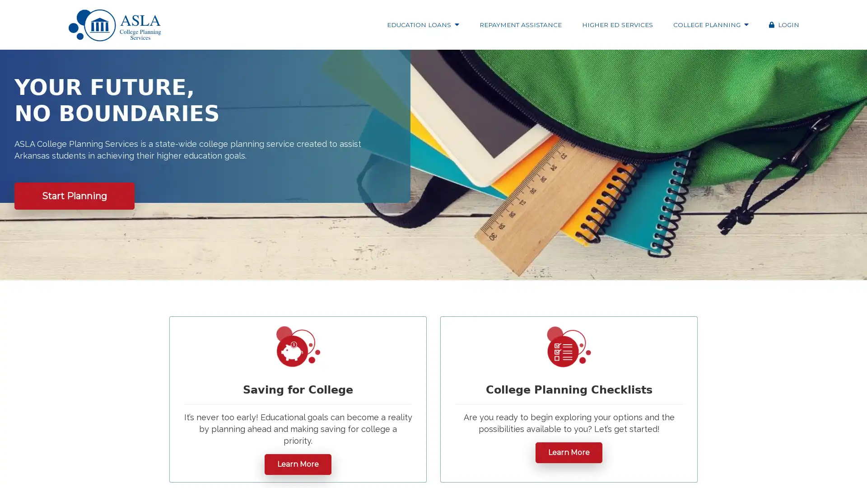  What do you see at coordinates (568, 452) in the screenshot?
I see `Learn More` at bounding box center [568, 452].